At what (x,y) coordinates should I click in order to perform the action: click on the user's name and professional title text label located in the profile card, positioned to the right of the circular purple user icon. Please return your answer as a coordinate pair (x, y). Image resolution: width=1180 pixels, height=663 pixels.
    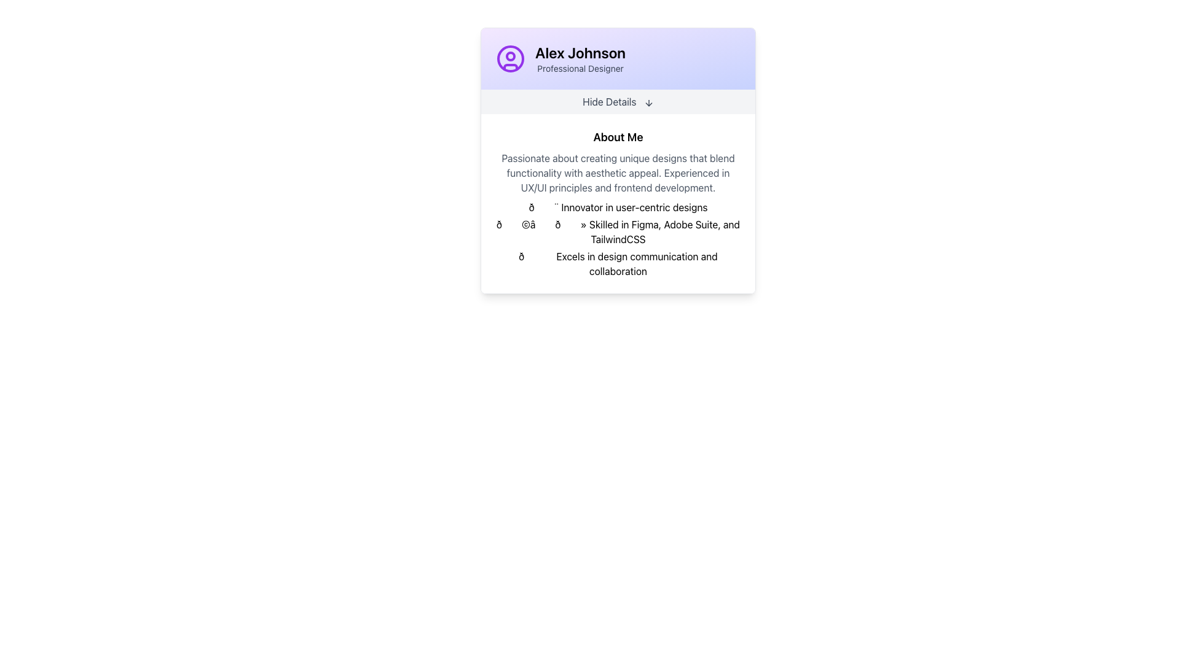
    Looking at the image, I should click on (580, 59).